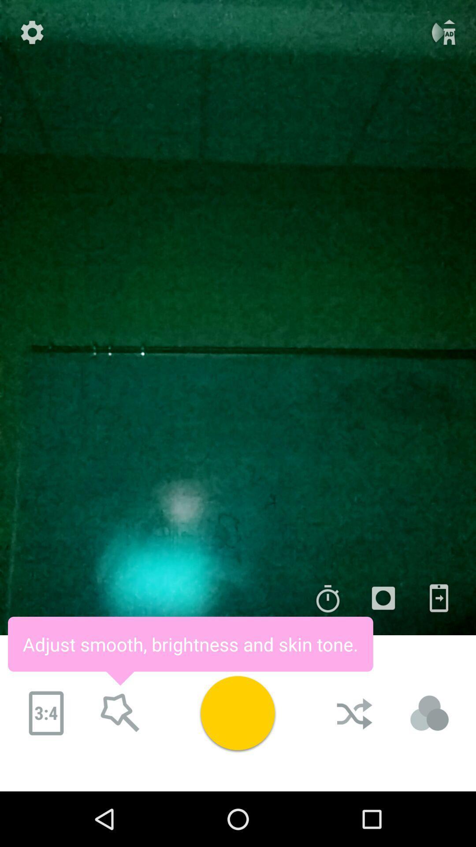  Describe the element at coordinates (355, 713) in the screenshot. I see `shuffle` at that location.